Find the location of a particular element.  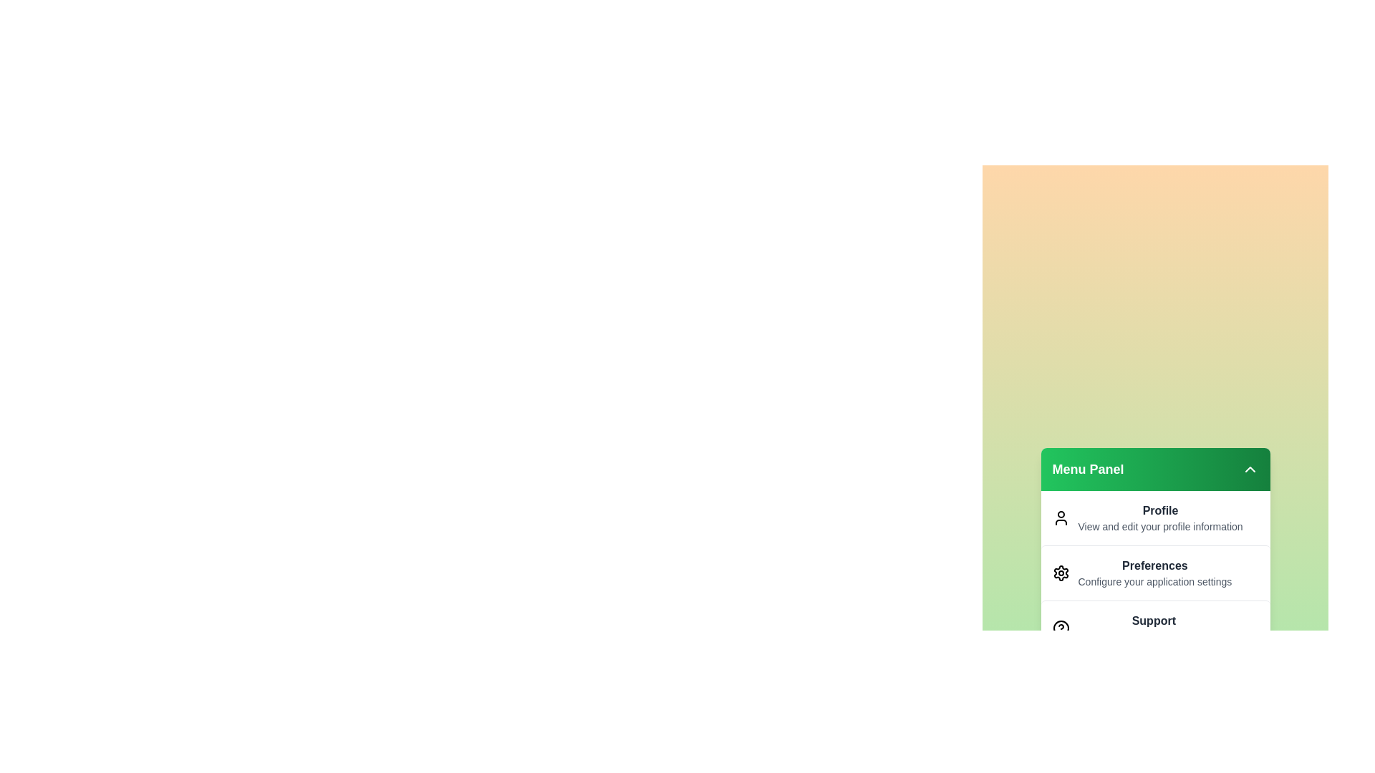

the menu item Preferences is located at coordinates (1155, 572).